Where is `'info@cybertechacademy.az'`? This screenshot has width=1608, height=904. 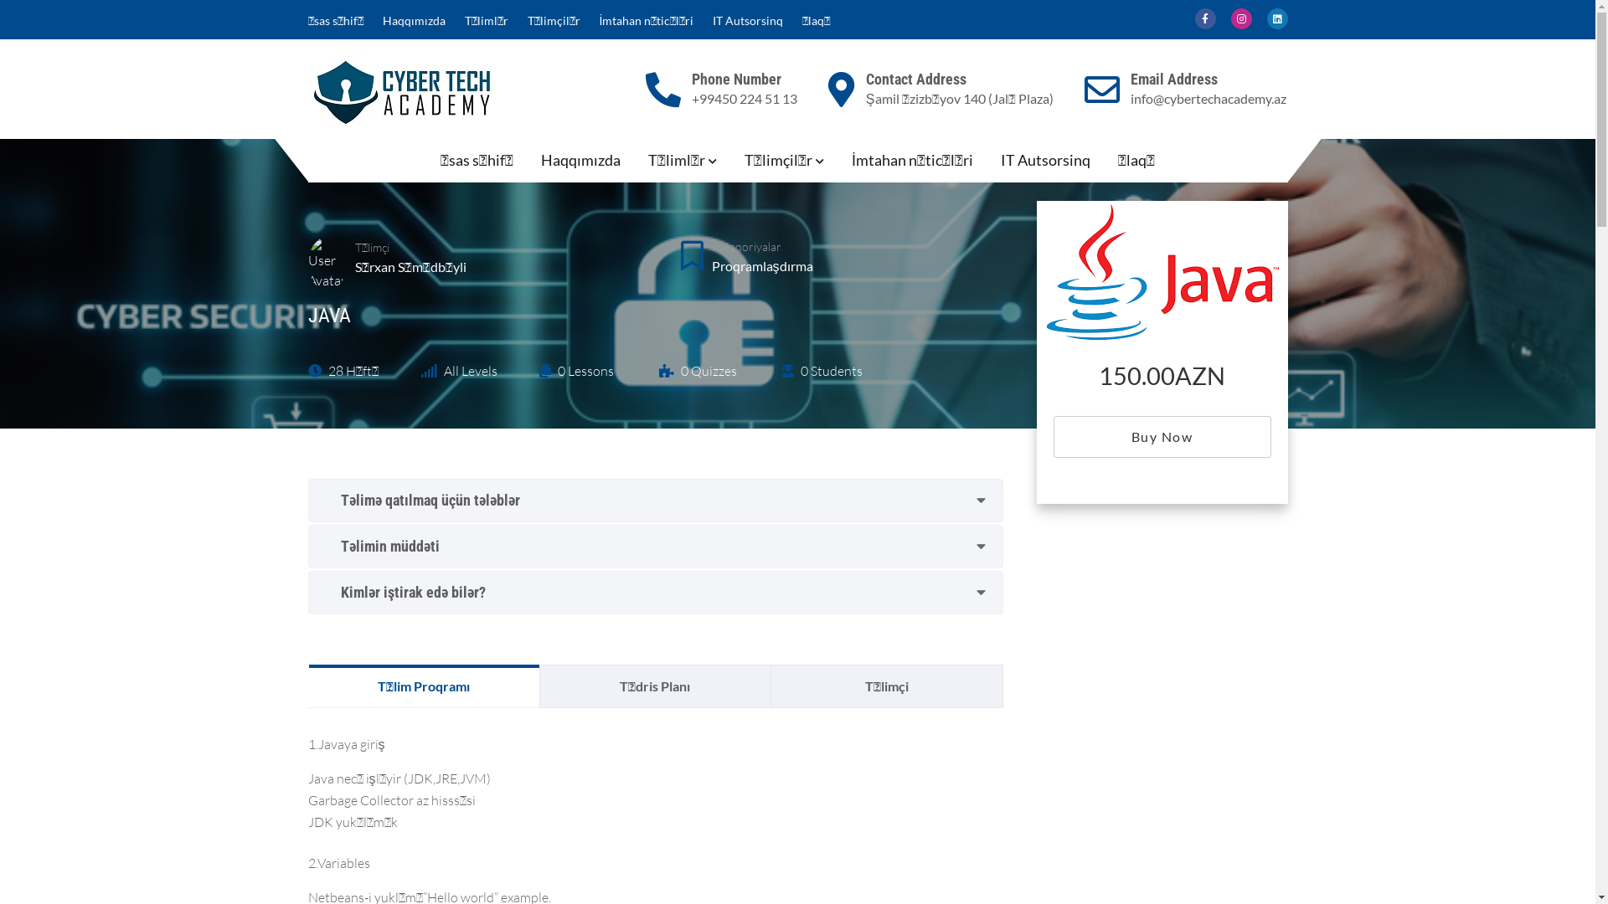 'info@cybertechacademy.az' is located at coordinates (1209, 99).